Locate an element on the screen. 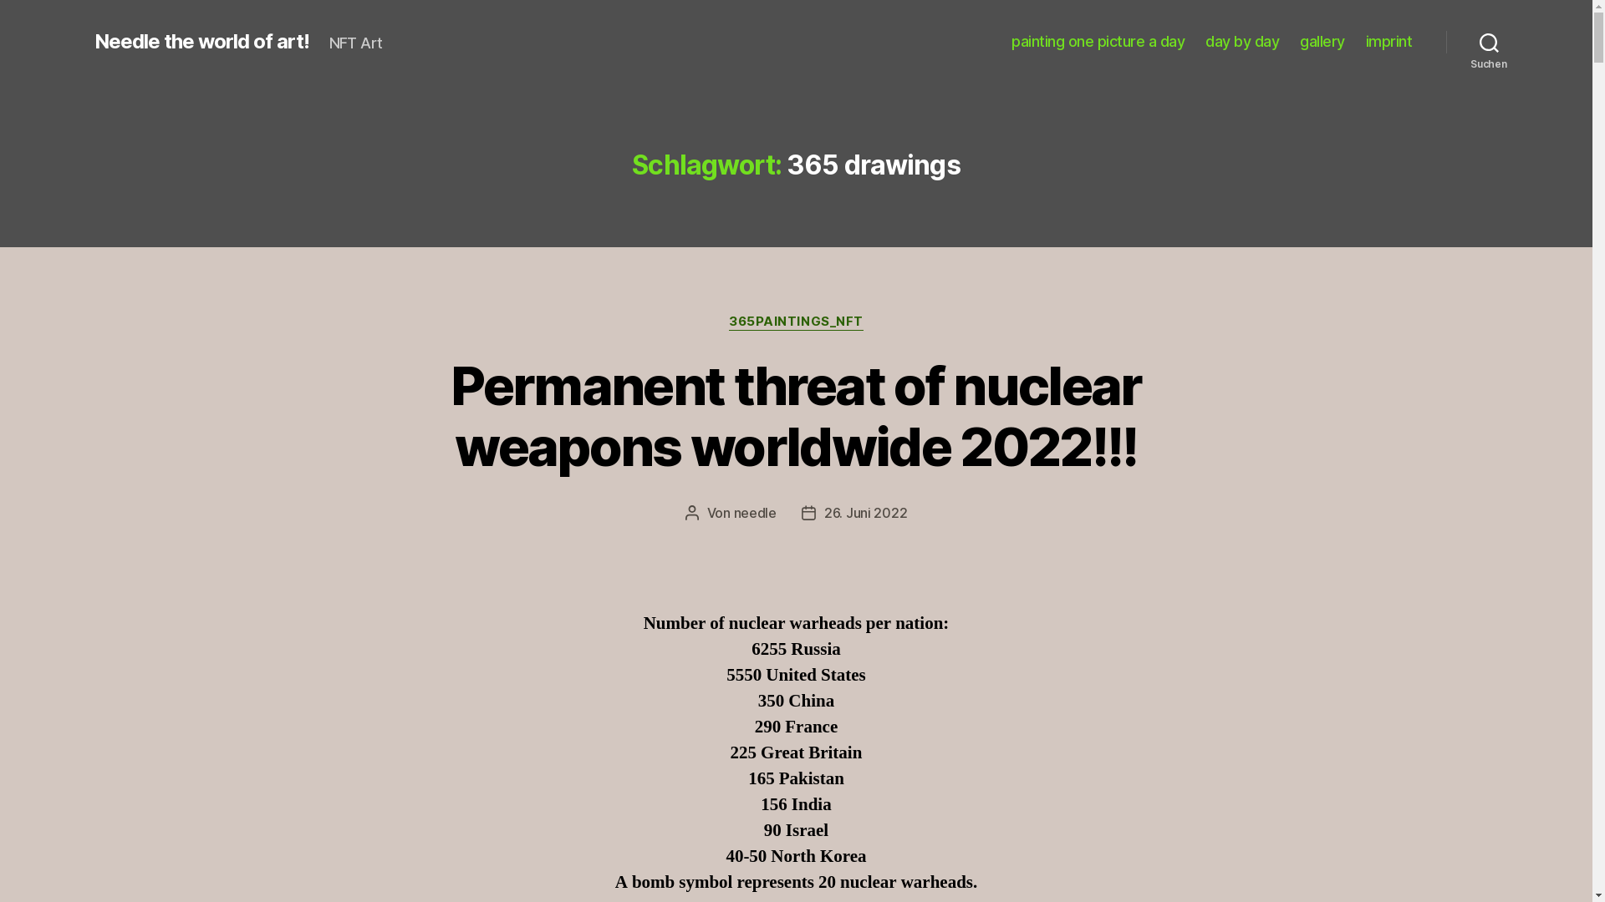  '365PAINTINGS_NFT' is located at coordinates (795, 322).